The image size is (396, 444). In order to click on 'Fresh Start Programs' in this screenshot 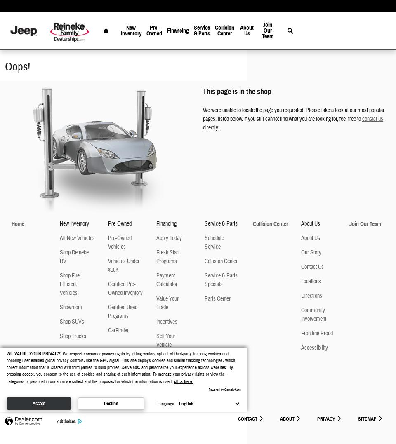, I will do `click(167, 257)`.